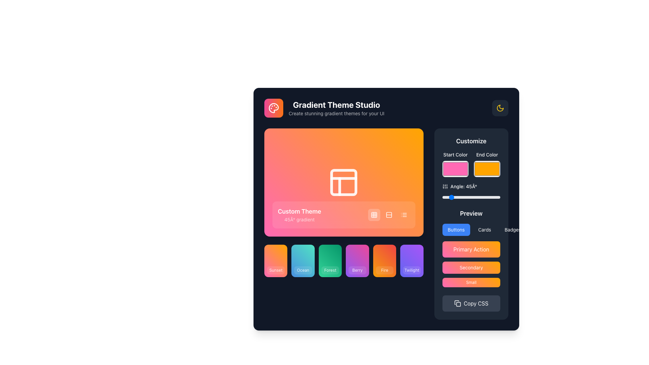 The height and width of the screenshot is (365, 649). I want to click on angle, so click(486, 197).